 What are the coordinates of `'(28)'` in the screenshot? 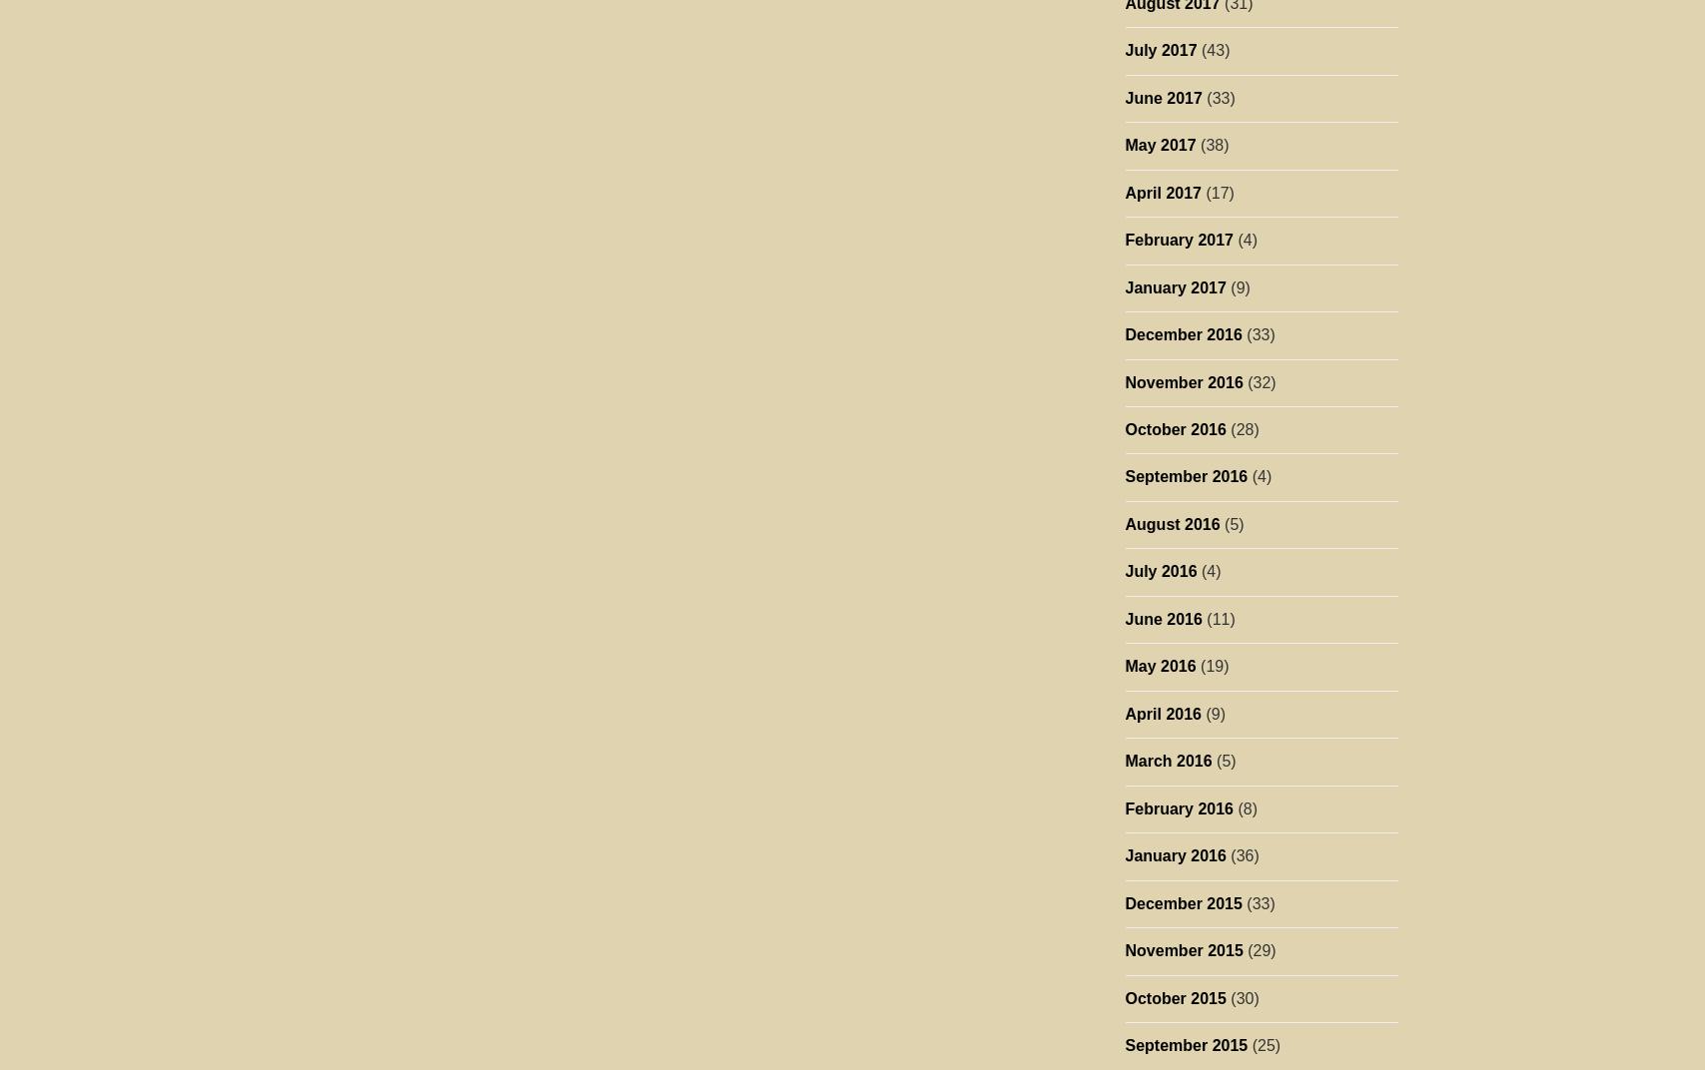 It's located at (1241, 428).